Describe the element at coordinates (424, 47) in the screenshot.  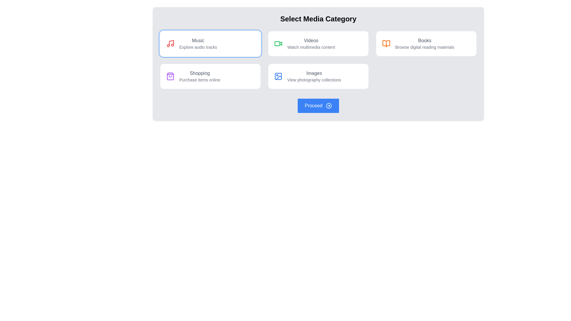
I see `the text label that says 'Browse digital reading materials', which is located below the 'Books' label in the 'Select Media Category' interface` at that location.